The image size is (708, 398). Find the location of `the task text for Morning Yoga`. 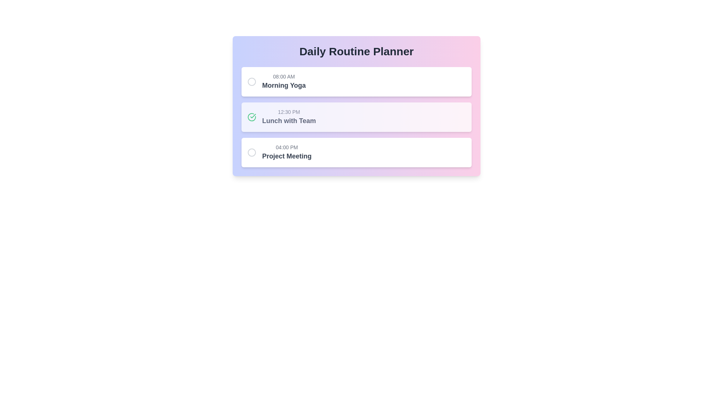

the task text for Morning Yoga is located at coordinates (284, 82).